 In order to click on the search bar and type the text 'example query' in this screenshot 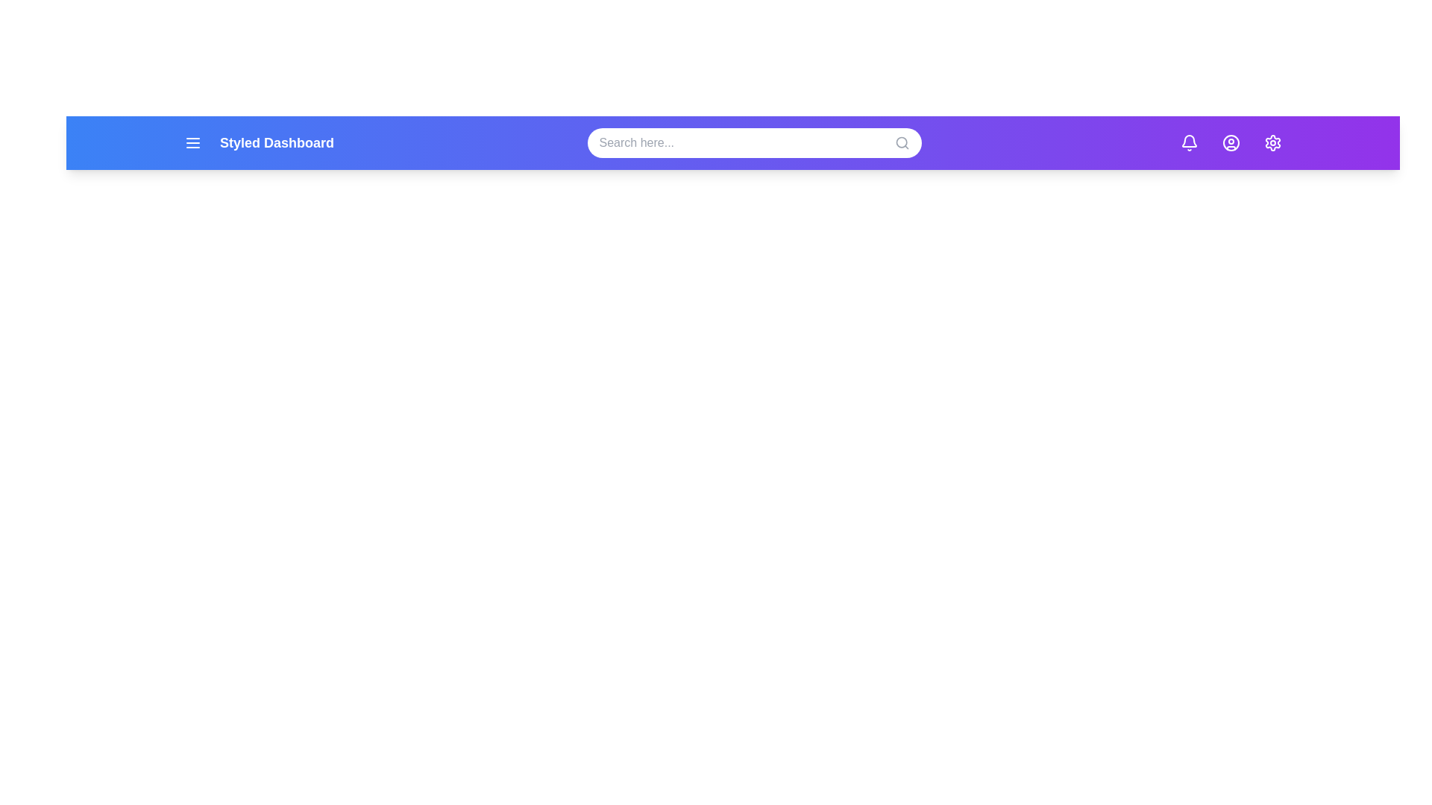, I will do `click(754, 143)`.